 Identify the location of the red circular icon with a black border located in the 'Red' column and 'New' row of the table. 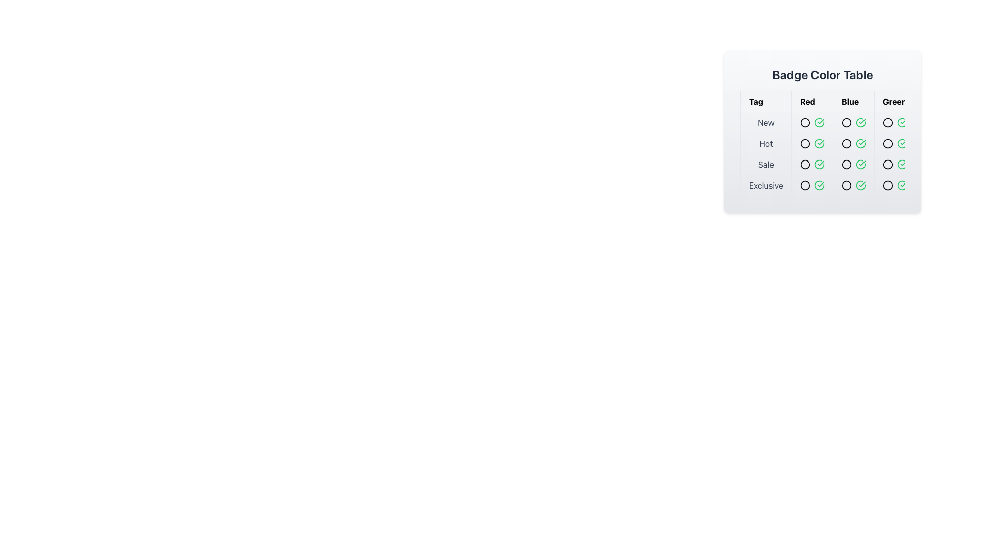
(804, 122).